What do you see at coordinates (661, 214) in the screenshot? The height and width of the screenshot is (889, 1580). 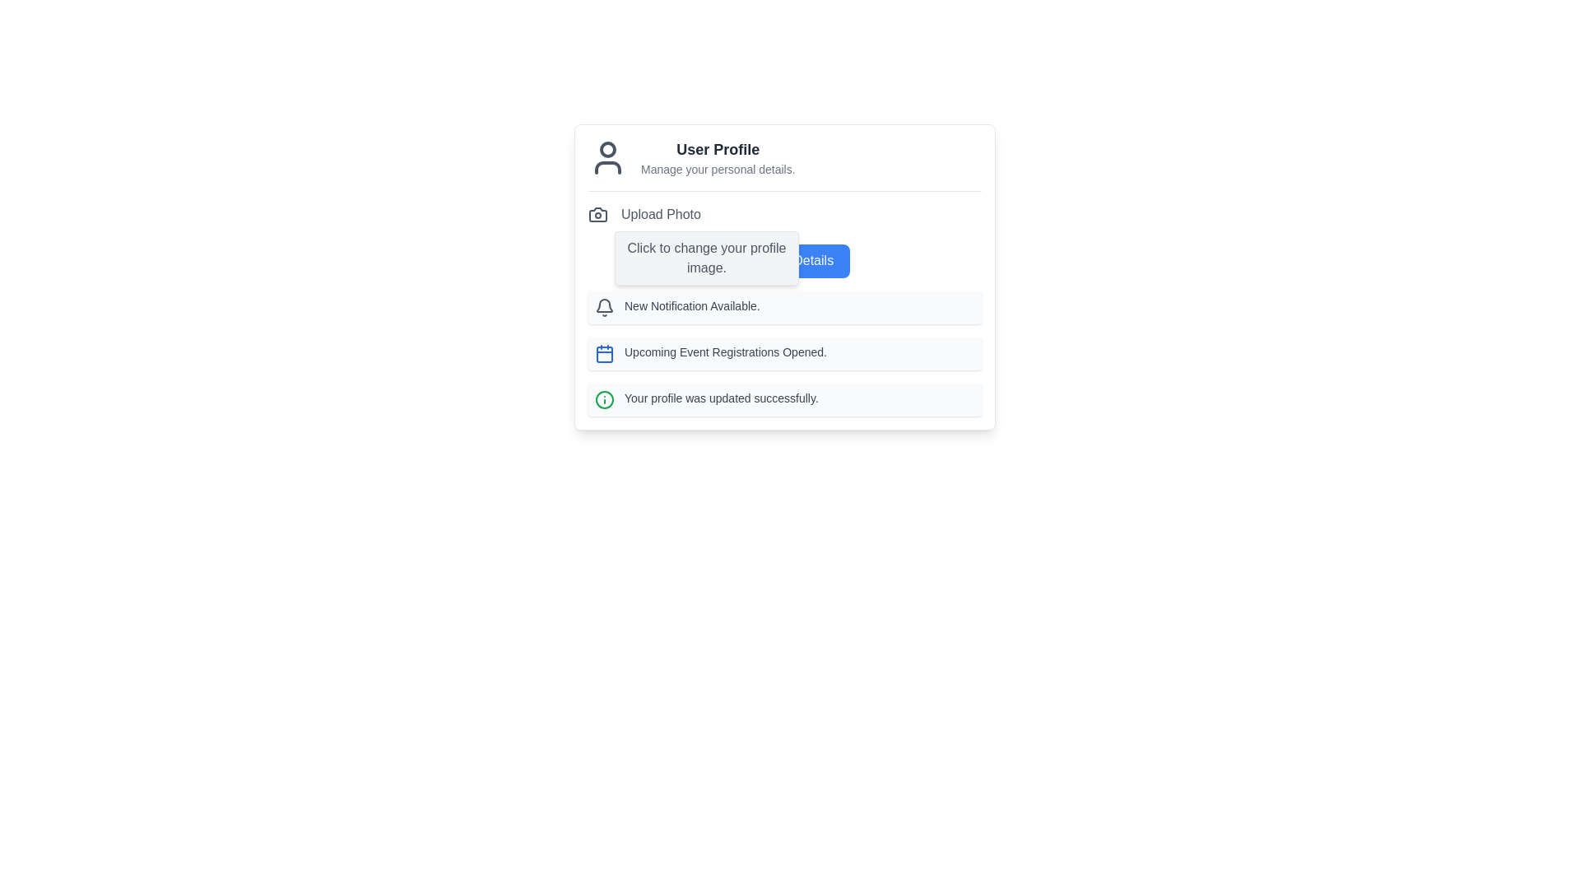 I see `the 'Upload Photo' label, which is a textual label with medium font weight and a gray color scheme, positioned next to a camera icon` at bounding box center [661, 214].